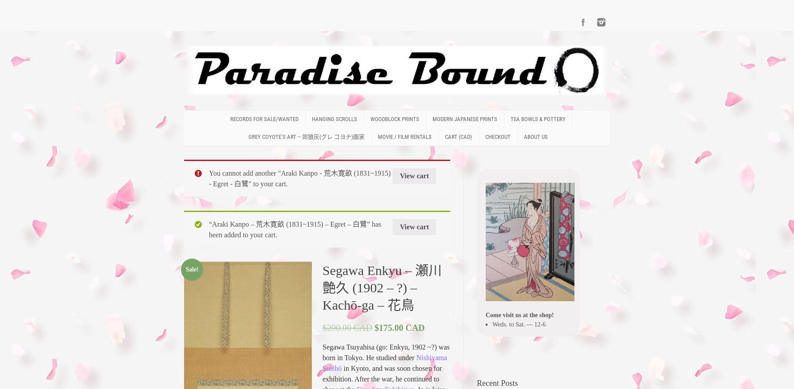  What do you see at coordinates (519, 314) in the screenshot?
I see `'Come visit us at the shop!'` at bounding box center [519, 314].